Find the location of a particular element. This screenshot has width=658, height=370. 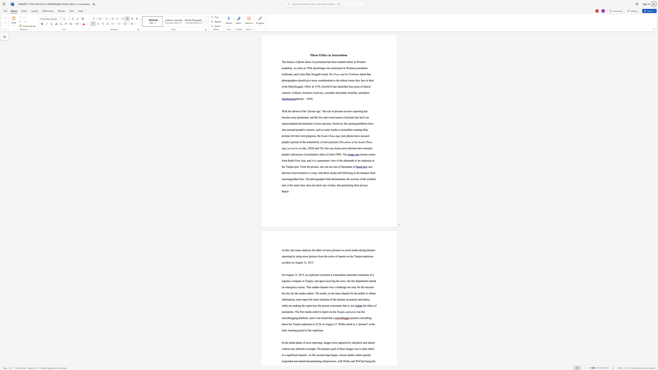

the 1th character "," in the text is located at coordinates (317, 173).